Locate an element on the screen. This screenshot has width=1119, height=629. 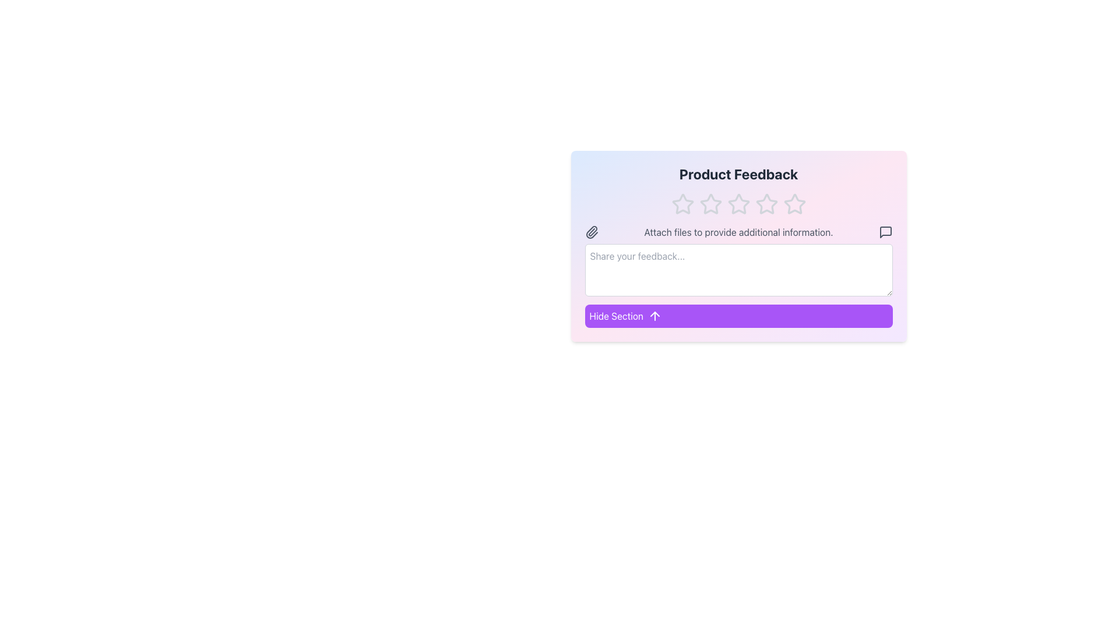
the speech bubble icon located at the far right of the feedback submission section is located at coordinates (885, 232).